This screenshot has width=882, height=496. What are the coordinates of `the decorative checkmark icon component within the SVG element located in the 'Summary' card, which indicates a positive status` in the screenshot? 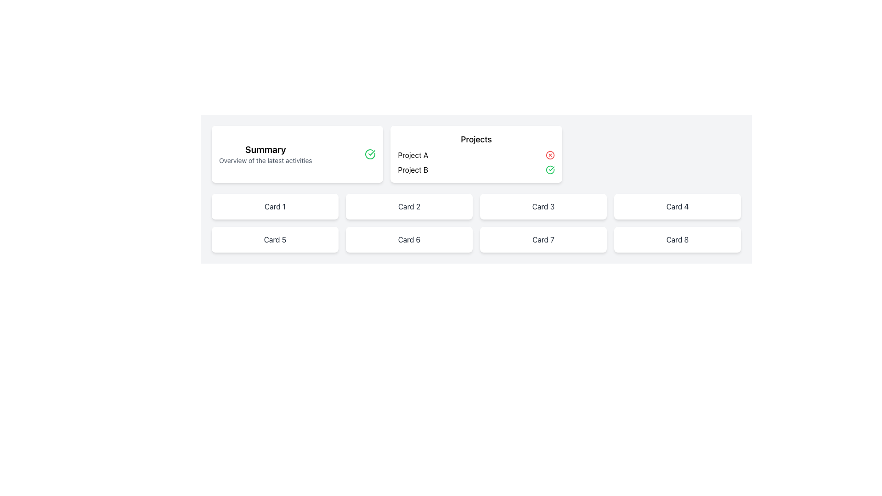 It's located at (370, 153).